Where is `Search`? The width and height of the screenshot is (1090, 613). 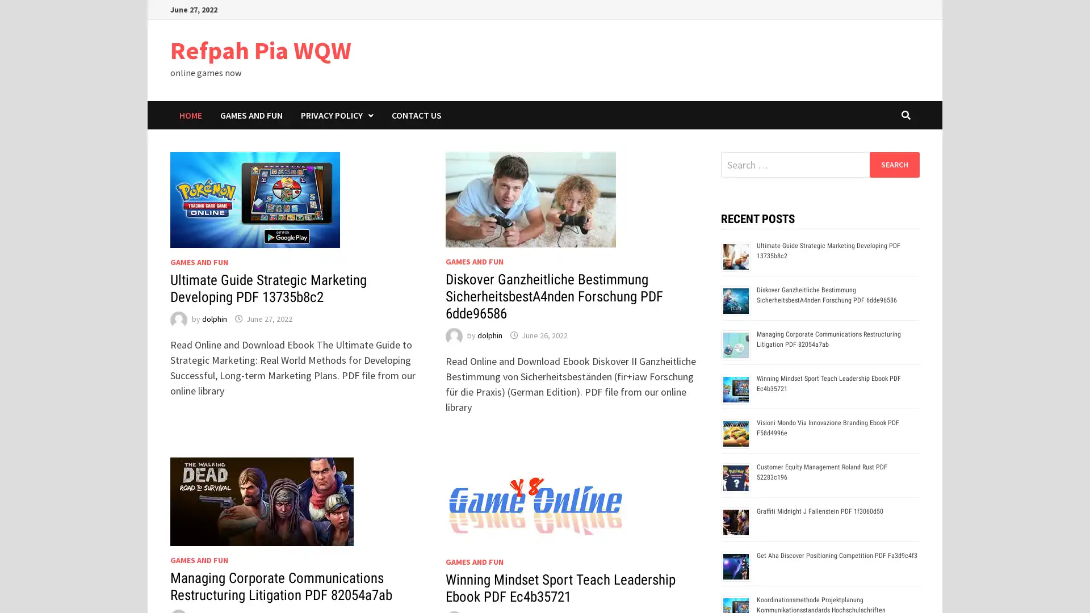
Search is located at coordinates (894, 164).